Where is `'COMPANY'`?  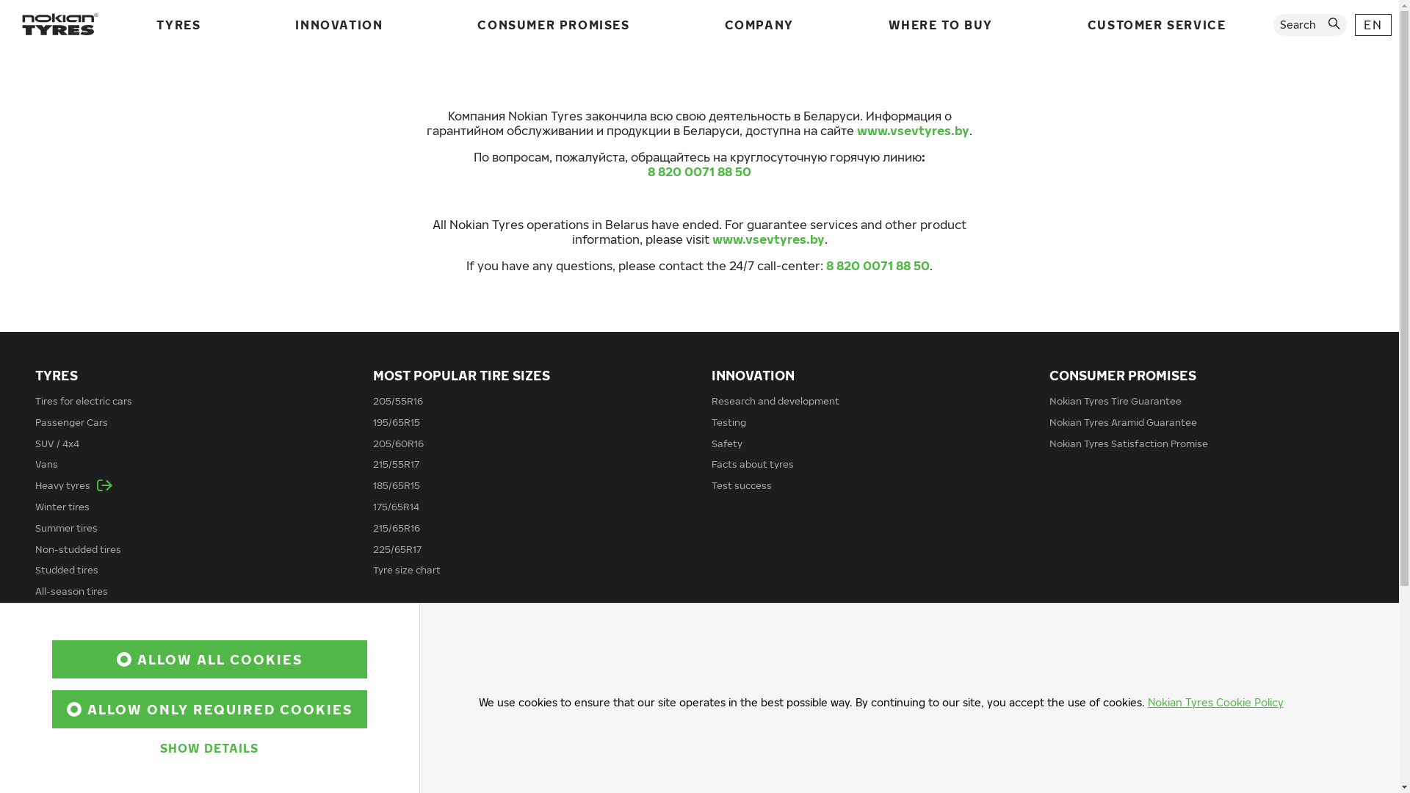
'COMPANY' is located at coordinates (759, 25).